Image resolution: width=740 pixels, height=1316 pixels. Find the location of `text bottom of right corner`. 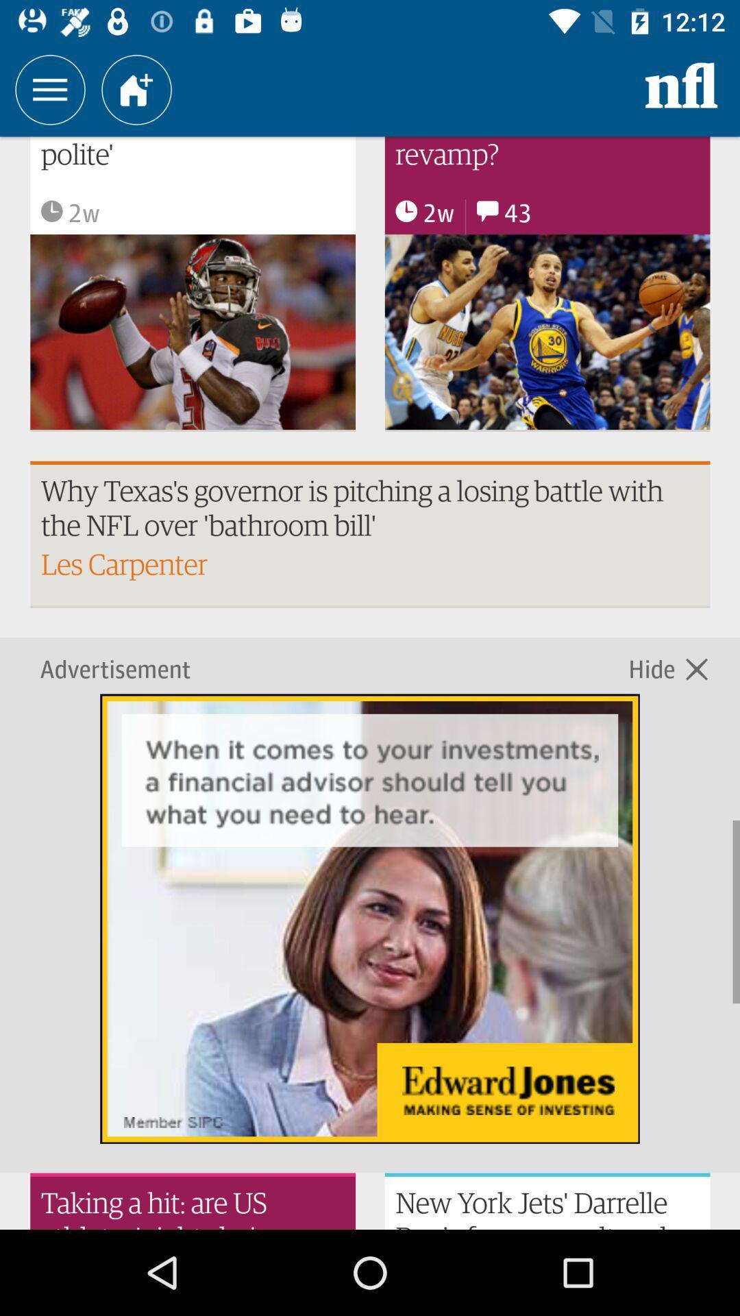

text bottom of right corner is located at coordinates (547, 1200).